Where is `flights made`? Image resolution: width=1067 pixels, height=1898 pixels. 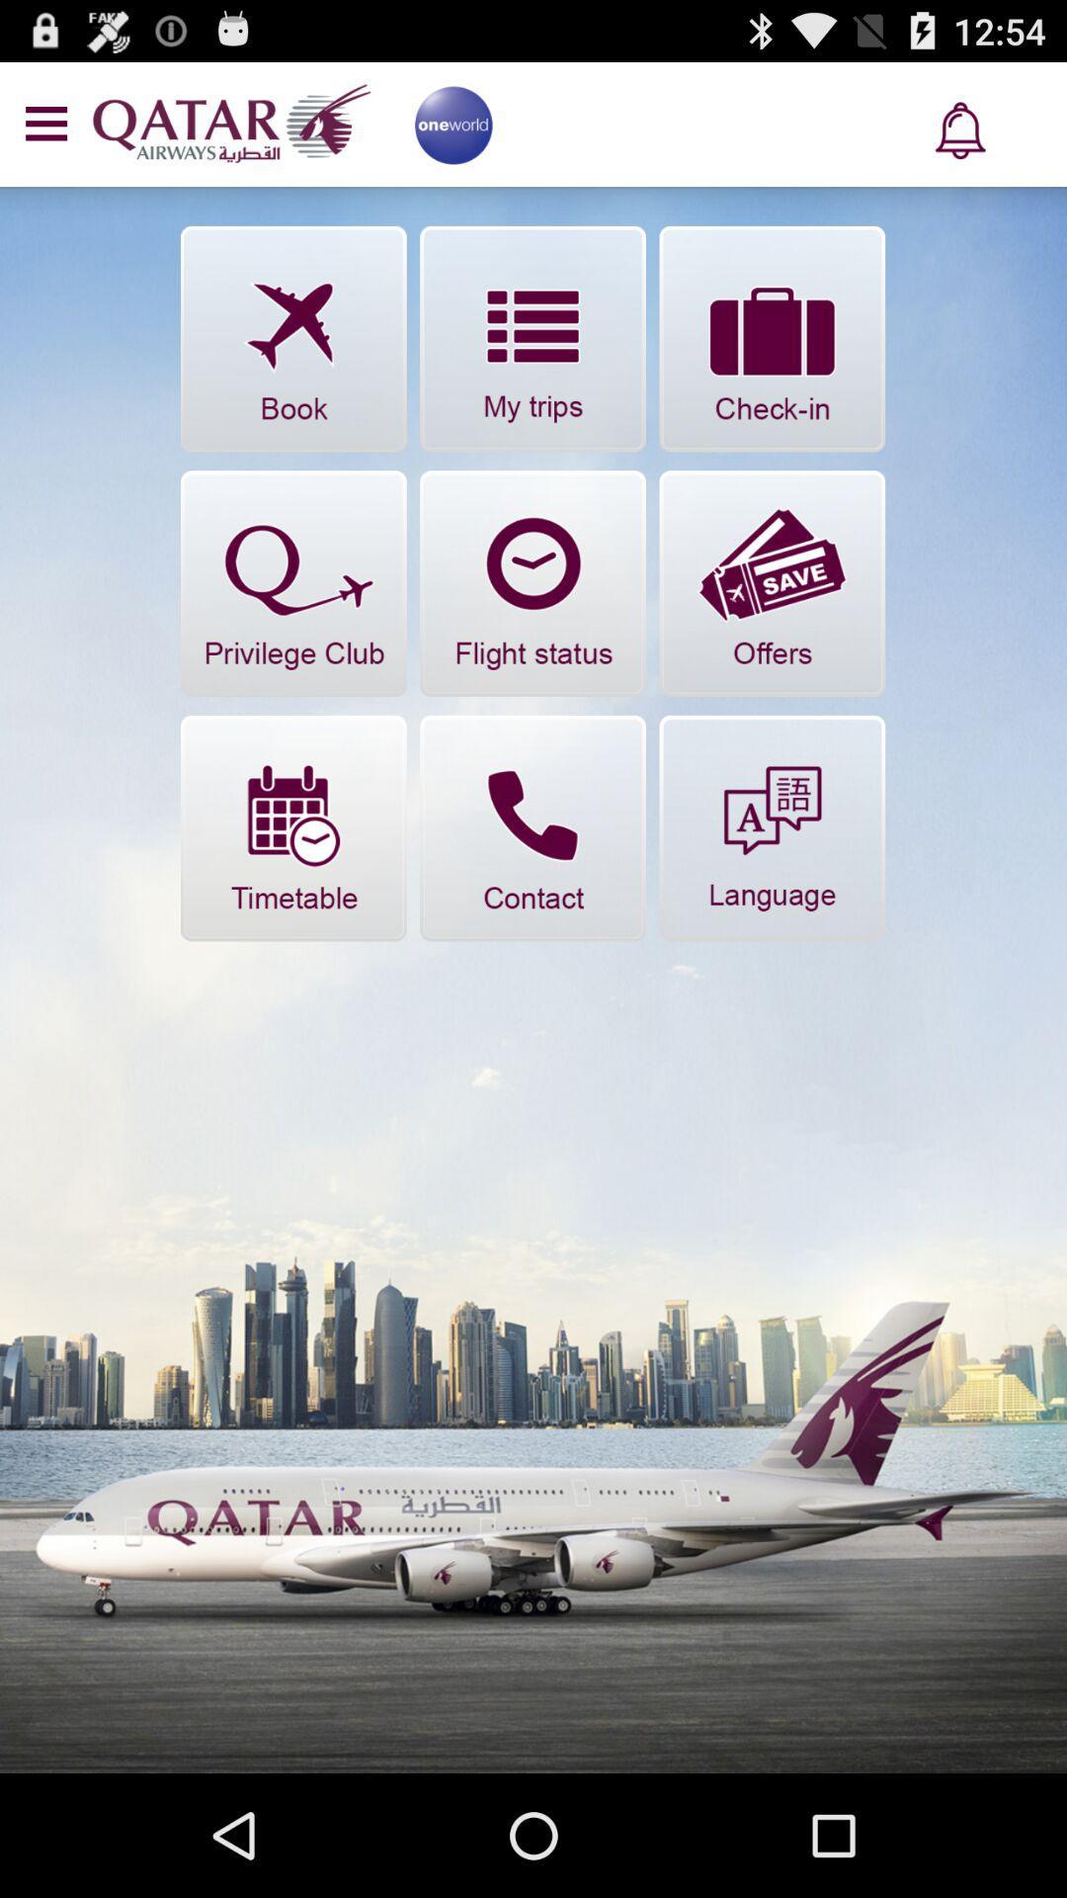 flights made is located at coordinates (532, 339).